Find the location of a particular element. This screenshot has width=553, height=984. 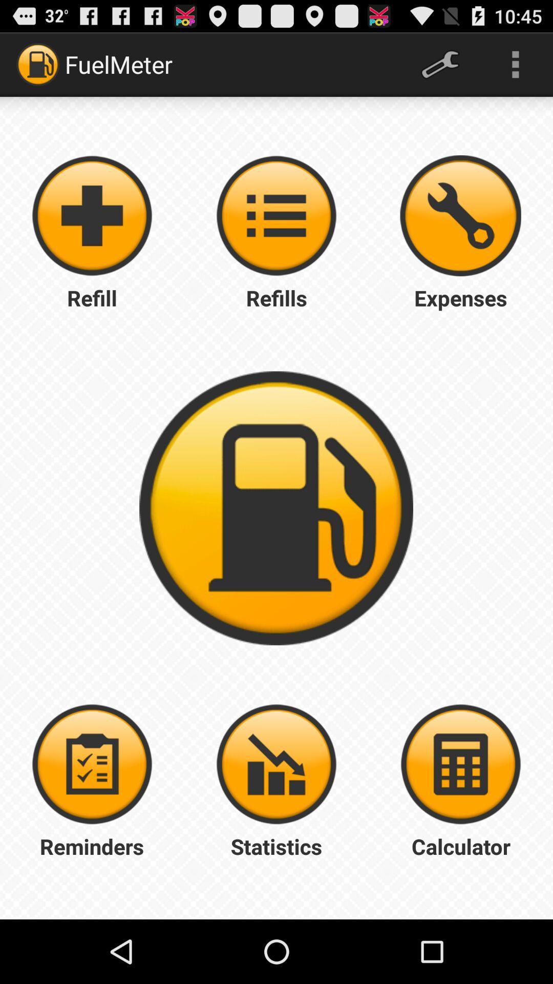

app above the statistics icon is located at coordinates (460, 764).